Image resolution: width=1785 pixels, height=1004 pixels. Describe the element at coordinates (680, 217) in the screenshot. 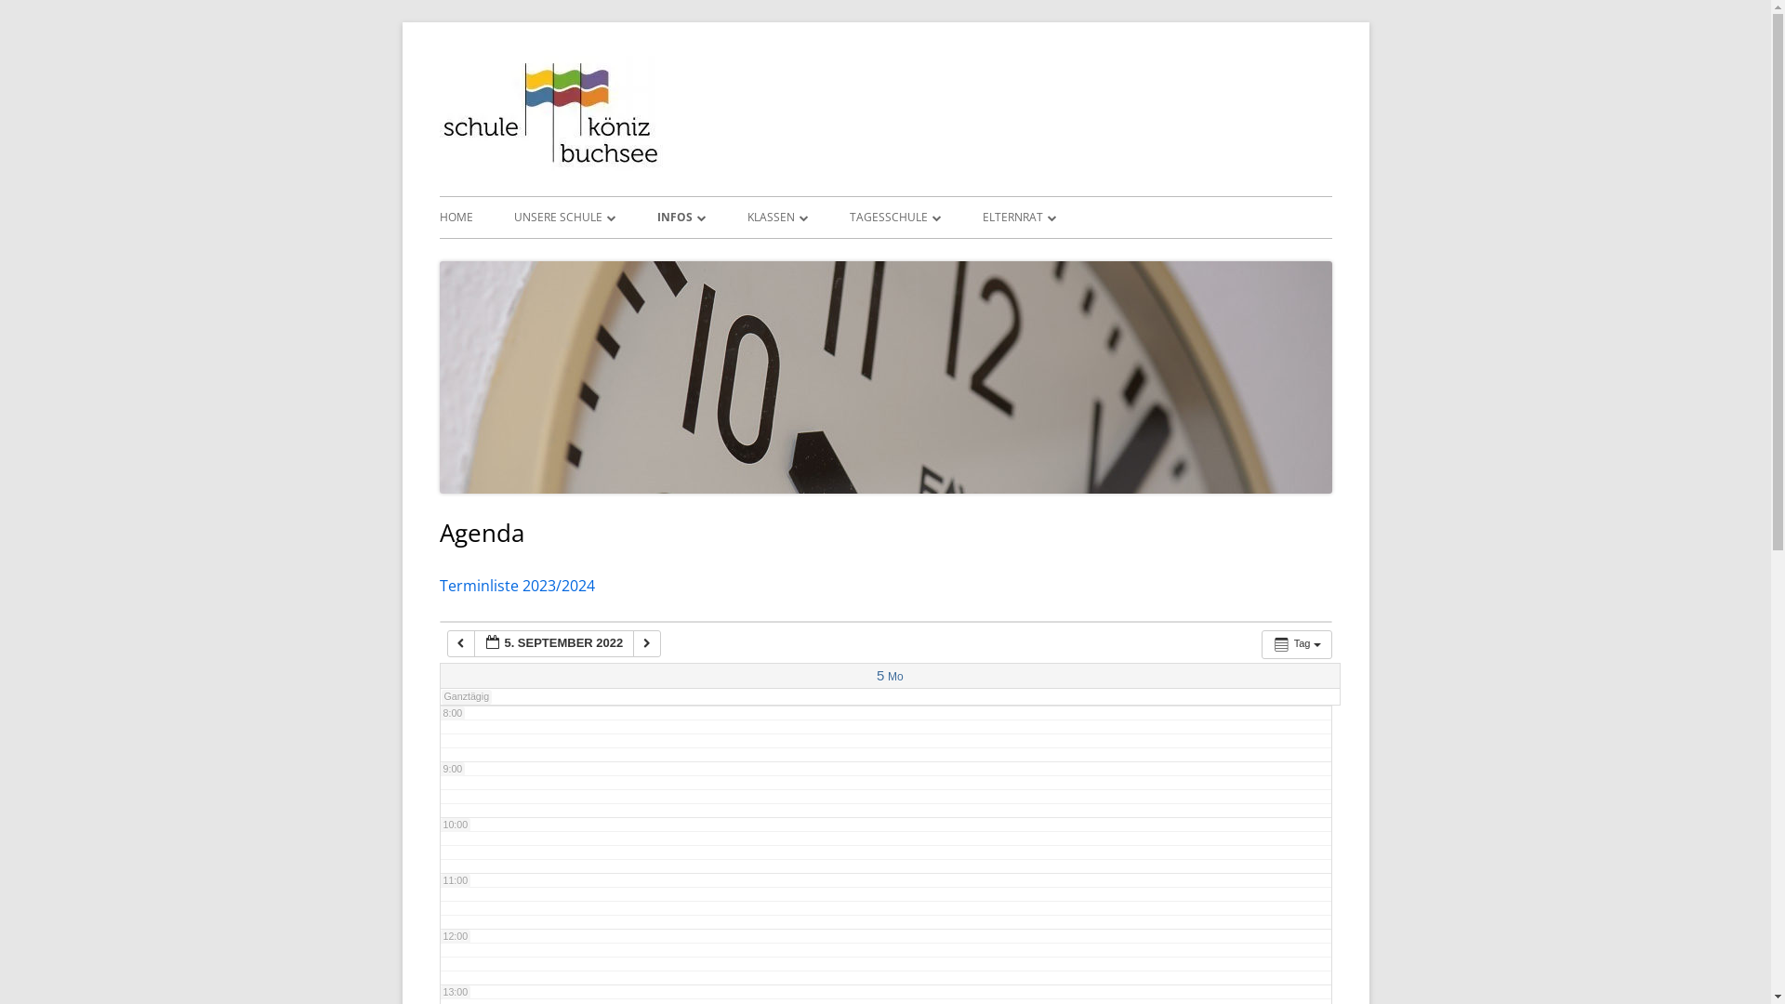

I see `'INFOS'` at that location.